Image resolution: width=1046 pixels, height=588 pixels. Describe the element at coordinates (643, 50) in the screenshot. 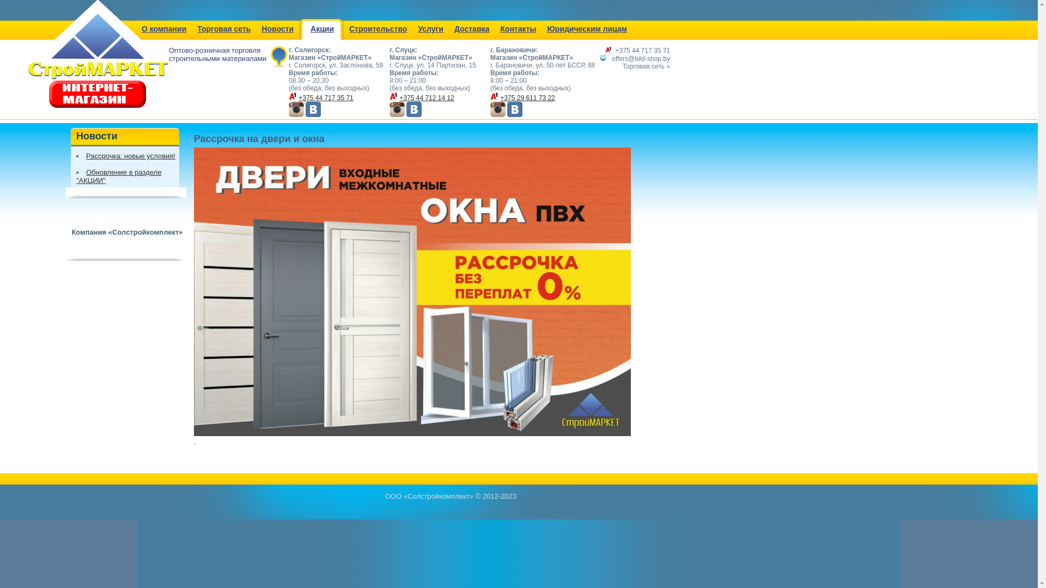

I see `'+375 44 717 35 71'` at that location.